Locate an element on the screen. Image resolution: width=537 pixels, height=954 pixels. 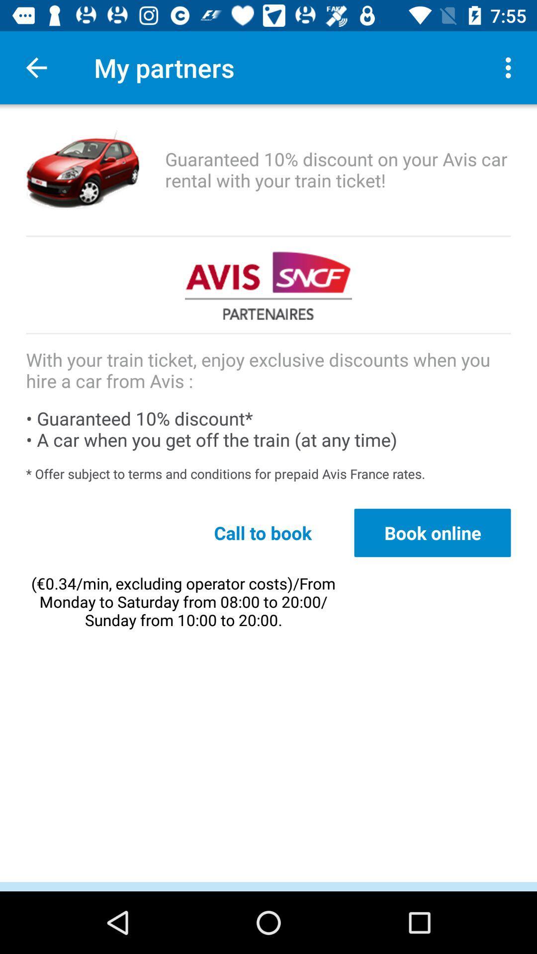
item below the offer subject to item is located at coordinates (262, 532).